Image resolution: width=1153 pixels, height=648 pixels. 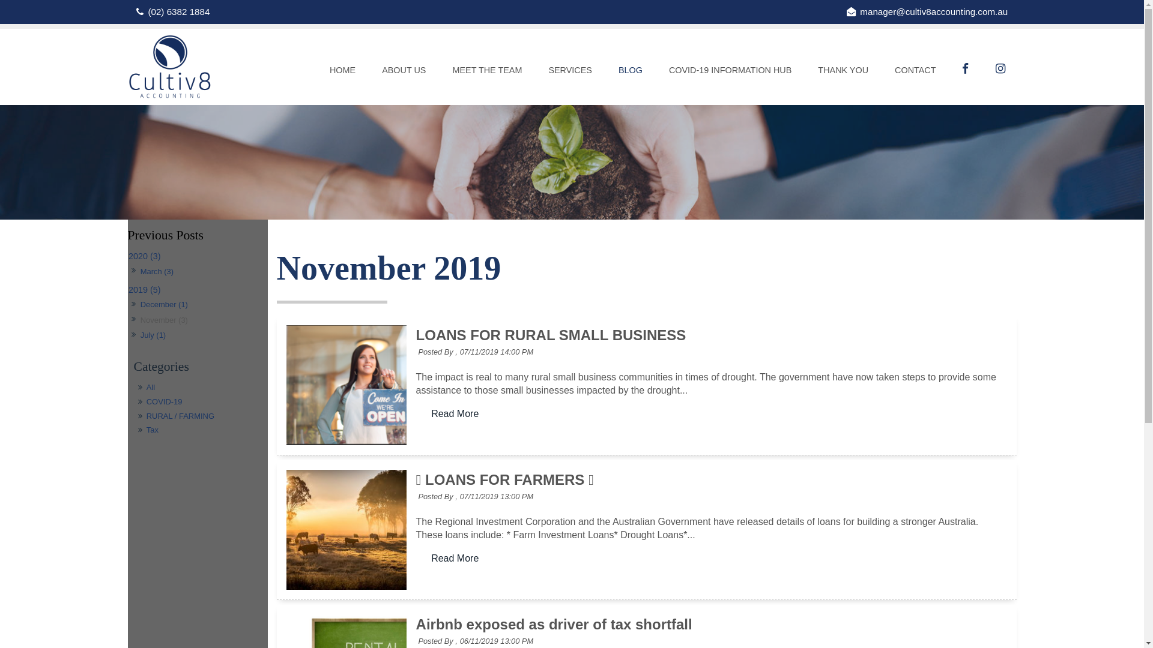 What do you see at coordinates (630, 71) in the screenshot?
I see `'BLOG'` at bounding box center [630, 71].